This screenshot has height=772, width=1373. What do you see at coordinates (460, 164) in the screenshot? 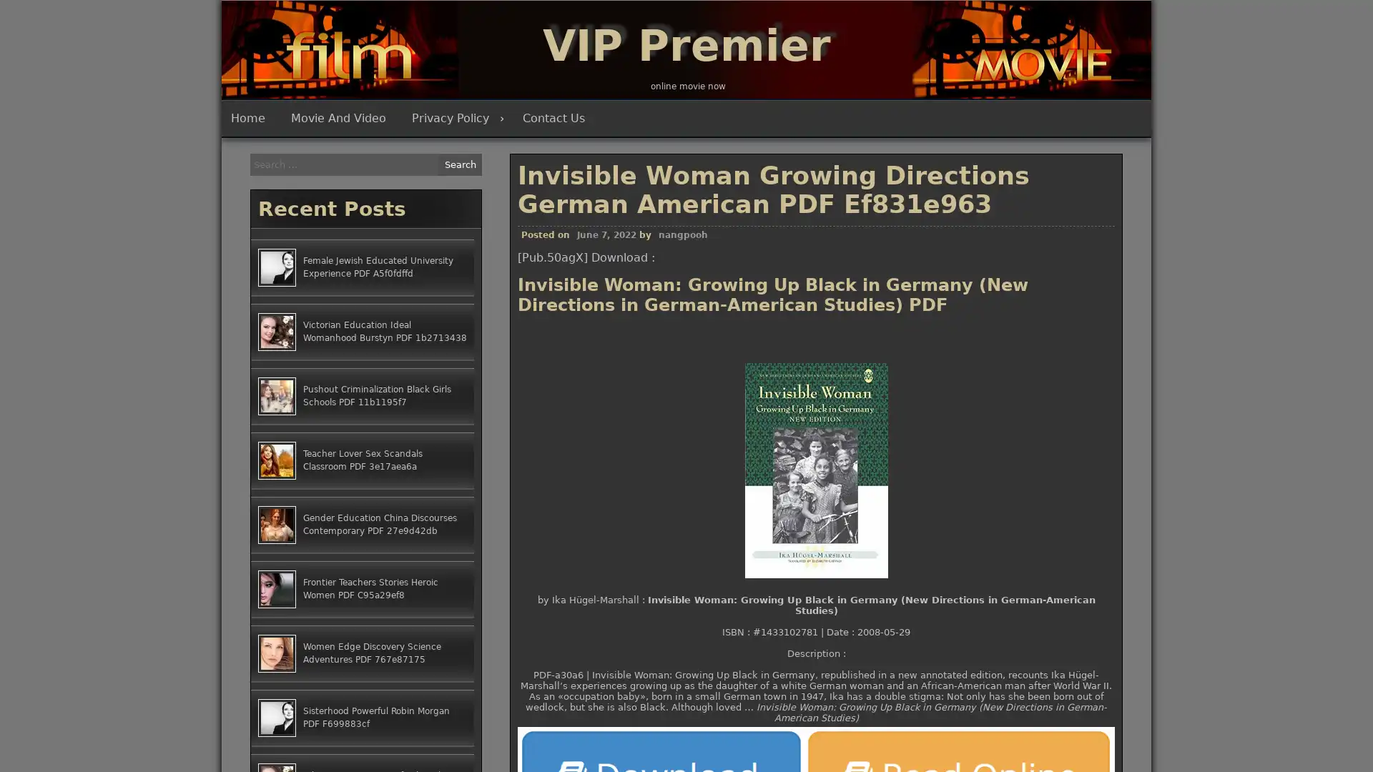
I see `Search` at bounding box center [460, 164].